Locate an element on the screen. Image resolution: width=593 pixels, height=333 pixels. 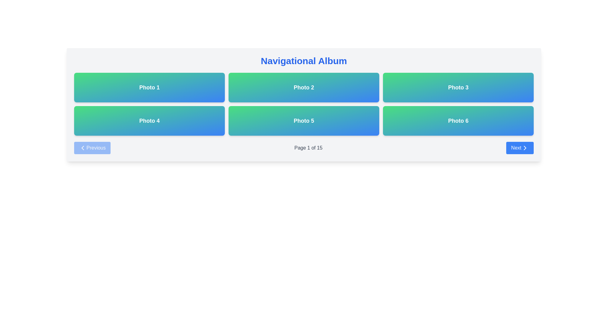
the left arrow SVG icon within the 'Previous' button at the bottom left of the interface is located at coordinates (82, 148).